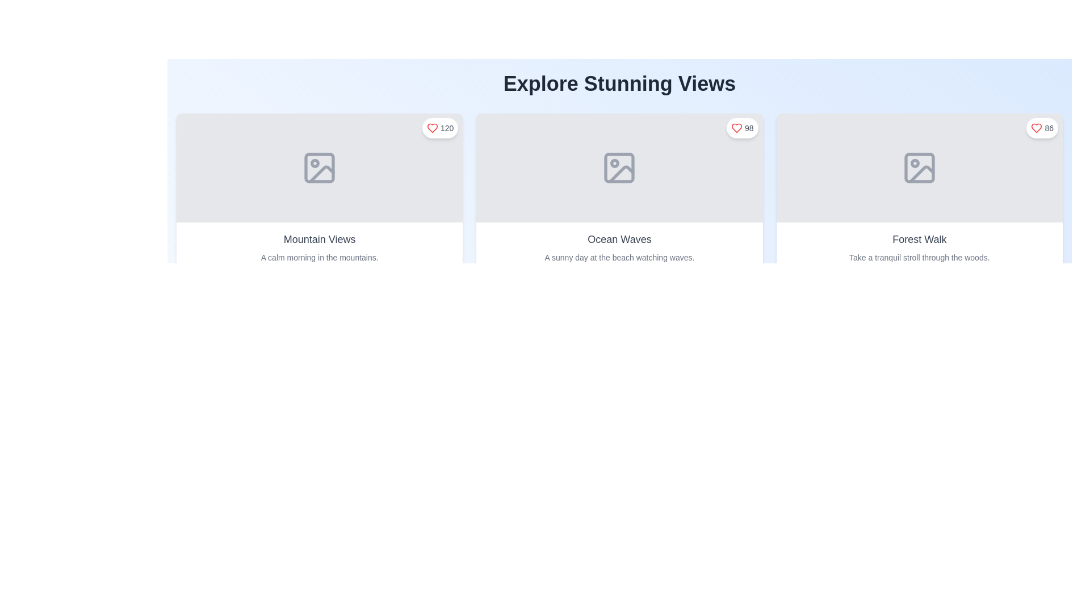 The height and width of the screenshot is (613, 1090). What do you see at coordinates (919, 192) in the screenshot?
I see `the third card in the grid layout` at bounding box center [919, 192].